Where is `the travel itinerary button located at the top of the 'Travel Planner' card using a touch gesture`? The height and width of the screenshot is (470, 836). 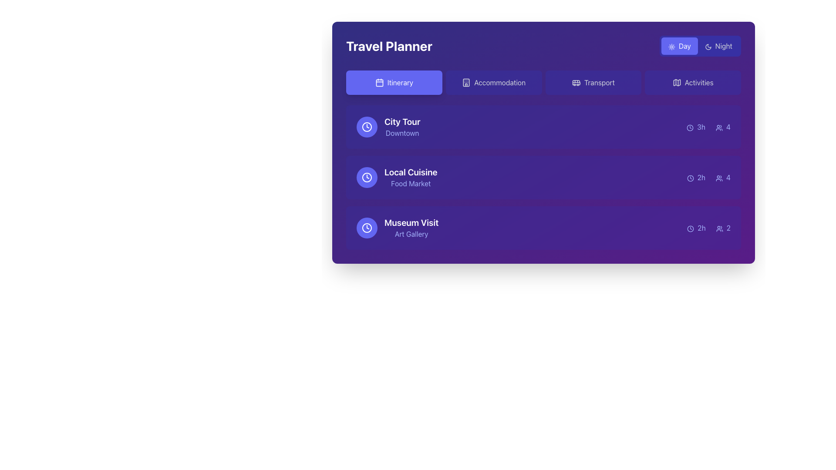 the travel itinerary button located at the top of the 'Travel Planner' card using a touch gesture is located at coordinates (394, 82).